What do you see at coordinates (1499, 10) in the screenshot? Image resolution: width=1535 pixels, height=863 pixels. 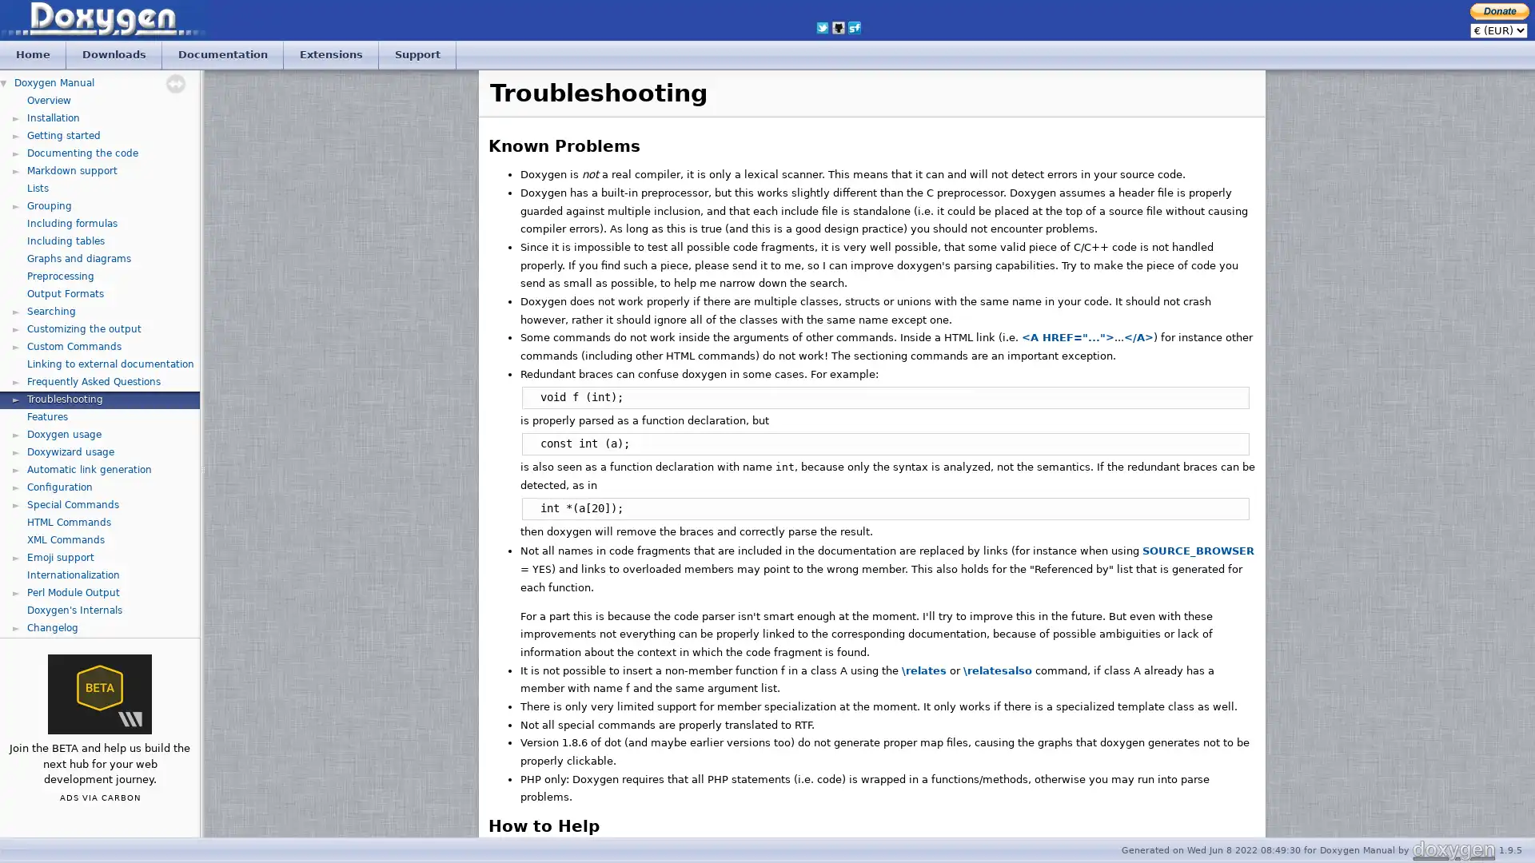 I see `Donate to Doxygen with PayPal!` at bounding box center [1499, 10].